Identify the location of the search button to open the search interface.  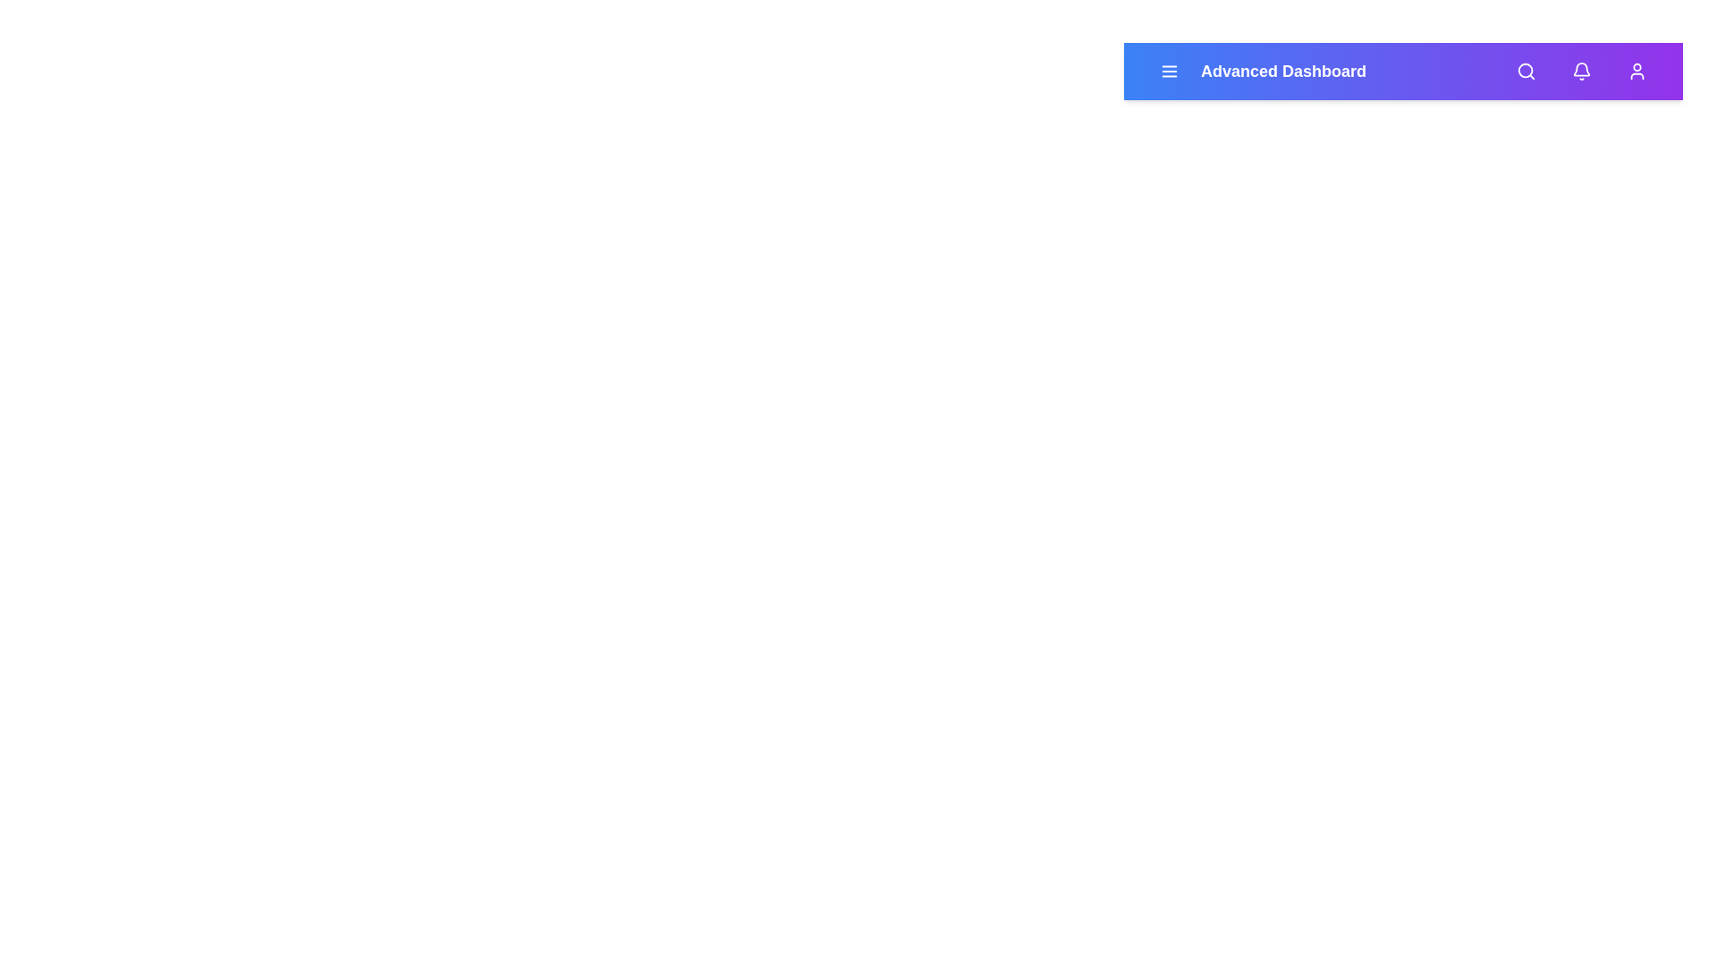
(1526, 71).